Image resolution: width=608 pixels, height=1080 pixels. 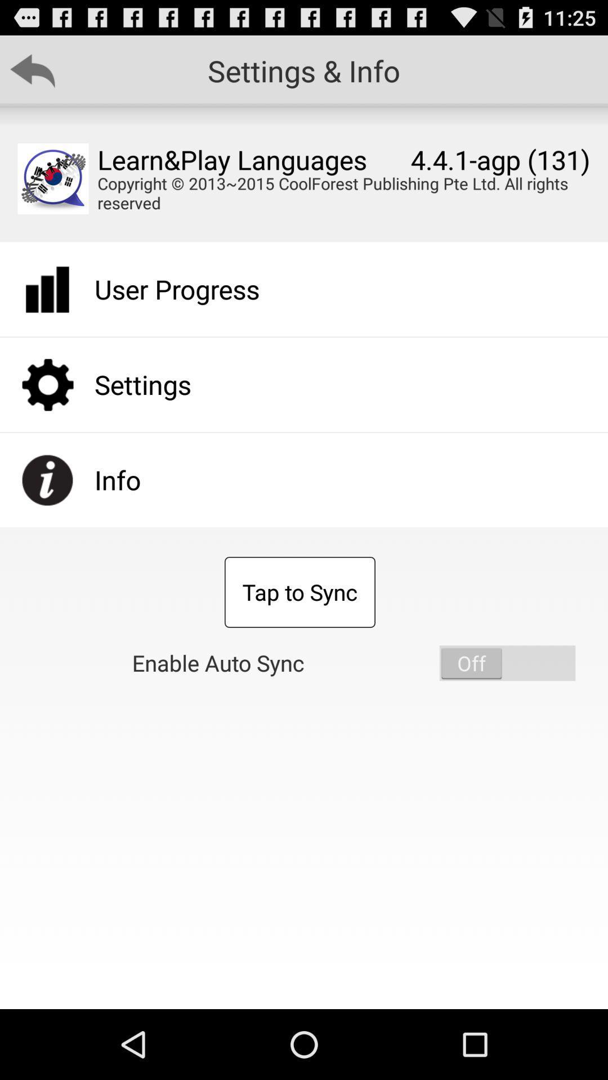 I want to click on the tap to sync item, so click(x=299, y=591).